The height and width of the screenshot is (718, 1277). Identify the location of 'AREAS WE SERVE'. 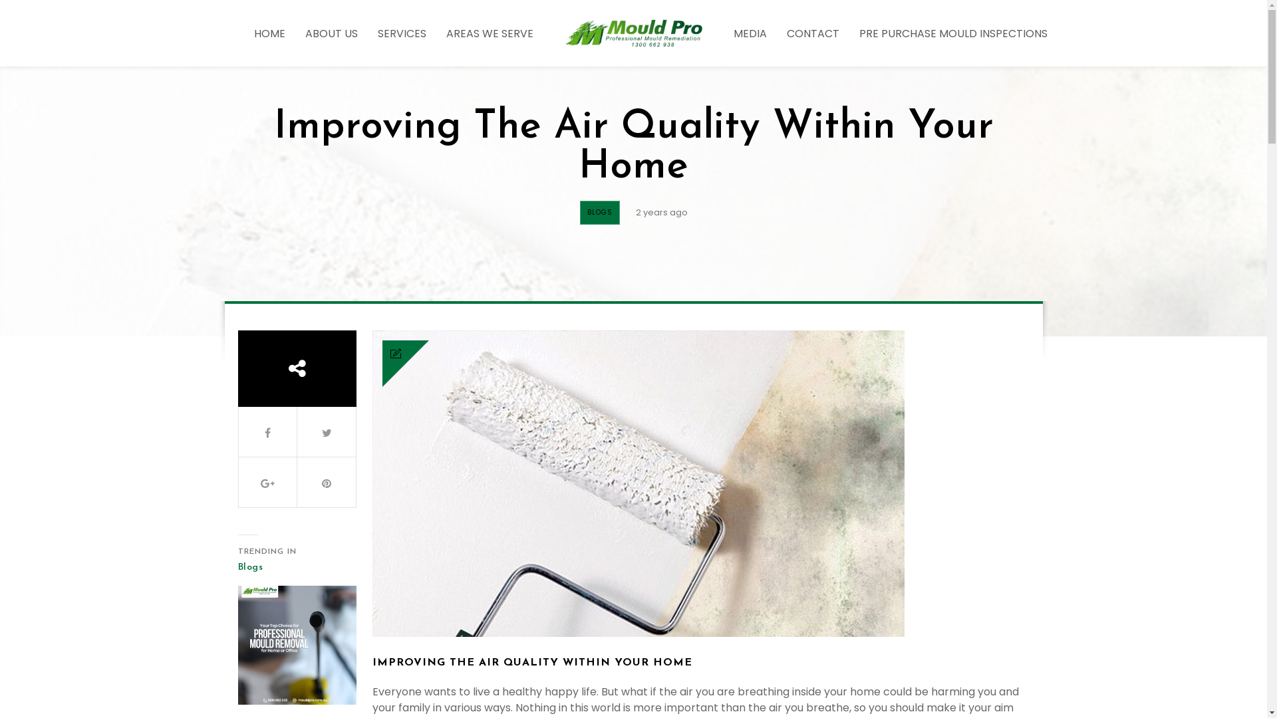
(489, 33).